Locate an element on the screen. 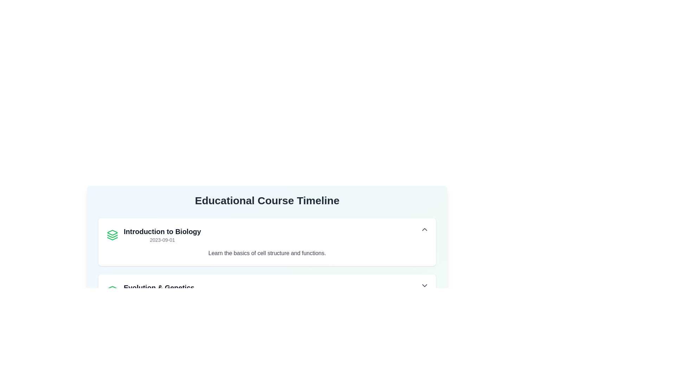 The width and height of the screenshot is (675, 379). the chevron-up icon located at the top-right corner of the 'Introduction to Biology' card is located at coordinates (424, 230).